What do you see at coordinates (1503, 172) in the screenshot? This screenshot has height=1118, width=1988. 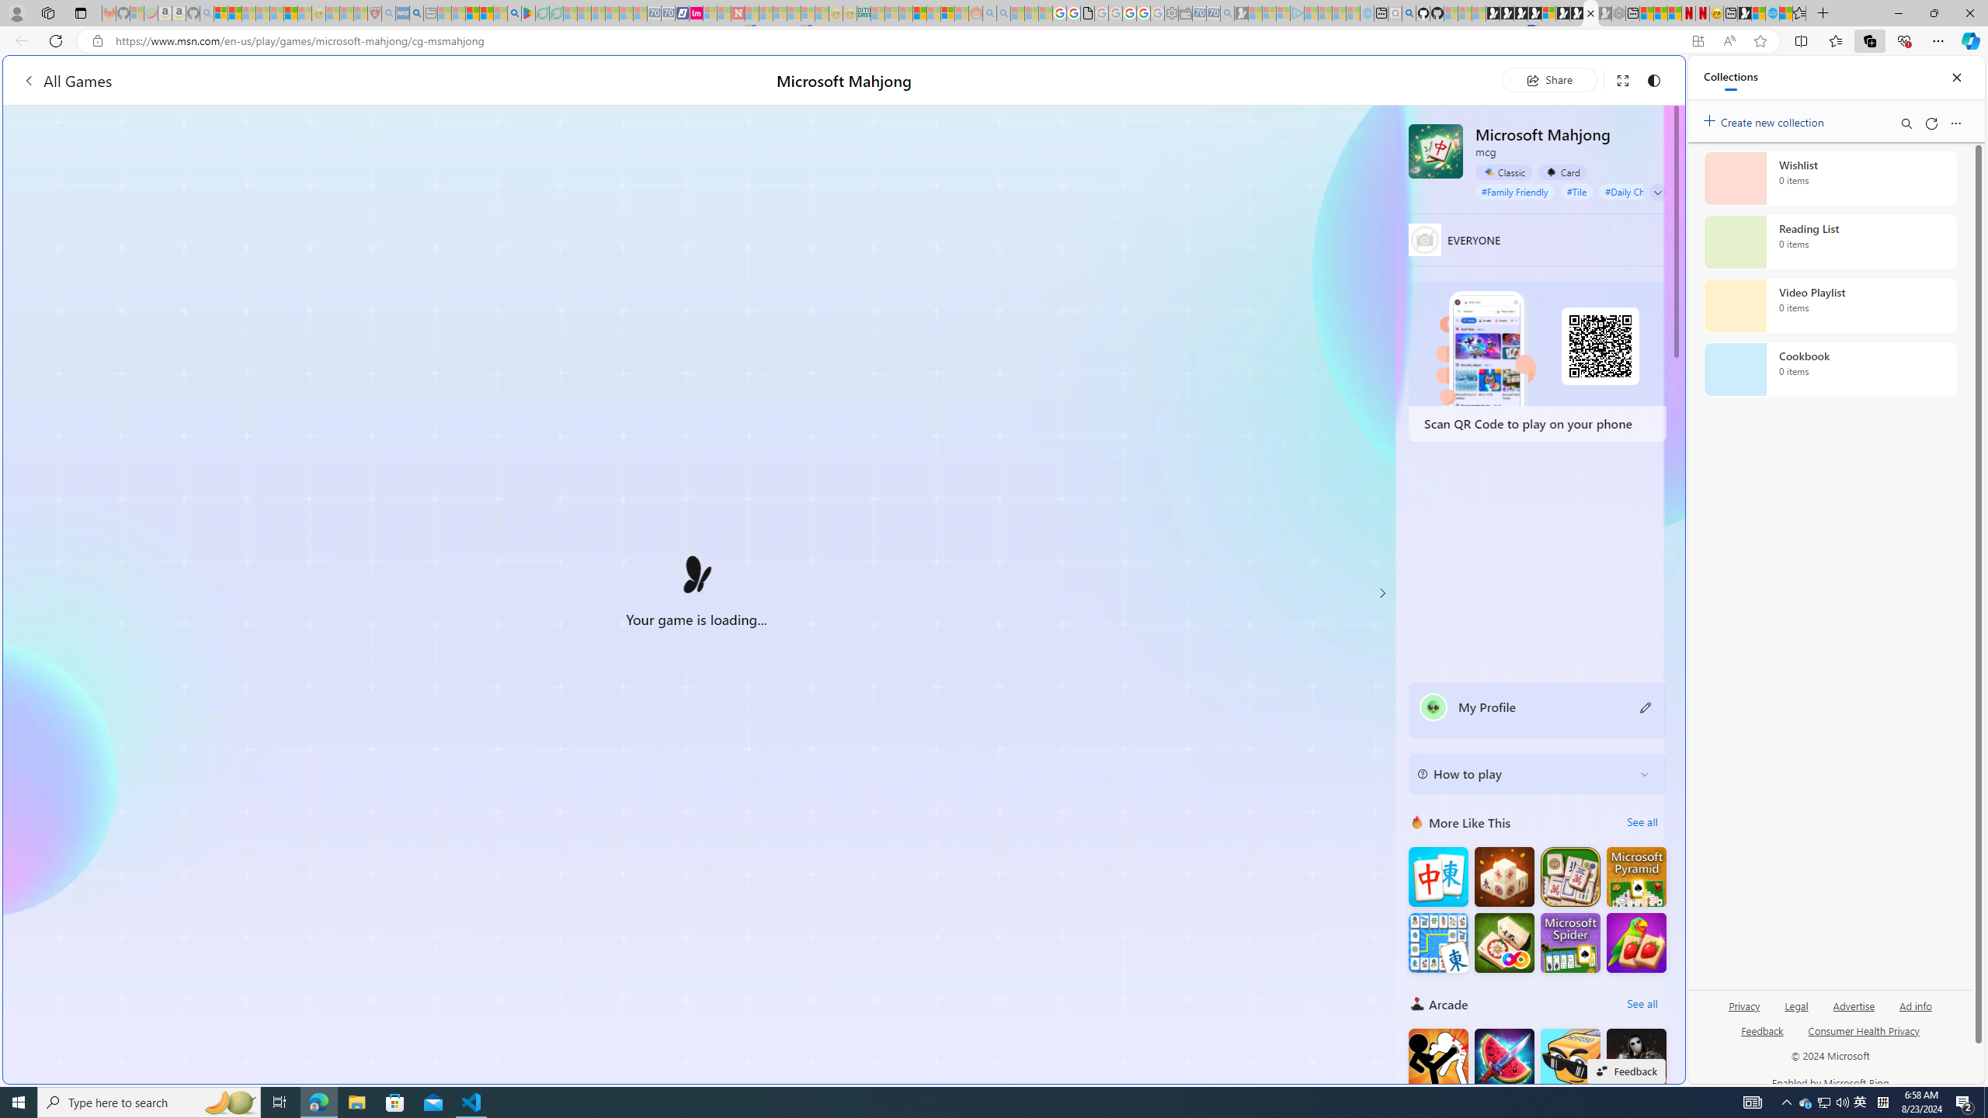 I see `'Classic'` at bounding box center [1503, 172].